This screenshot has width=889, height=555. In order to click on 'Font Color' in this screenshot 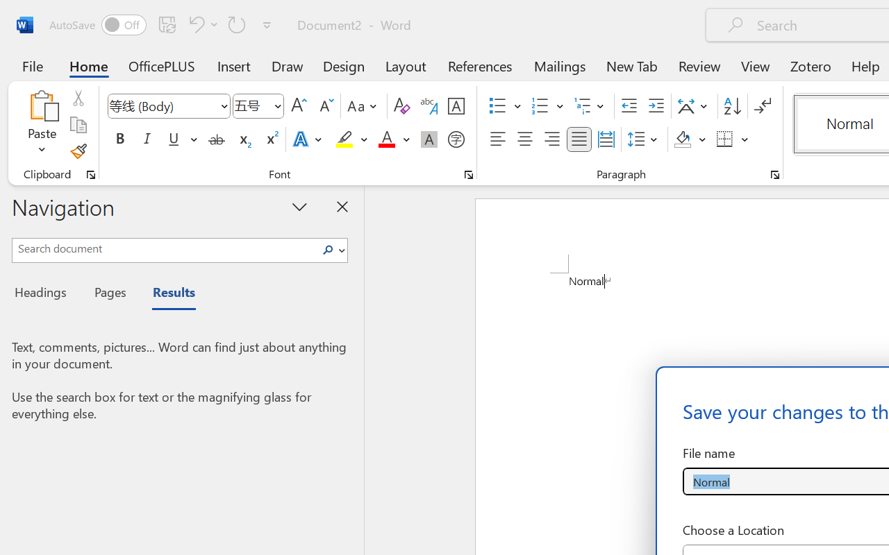, I will do `click(393, 139)`.